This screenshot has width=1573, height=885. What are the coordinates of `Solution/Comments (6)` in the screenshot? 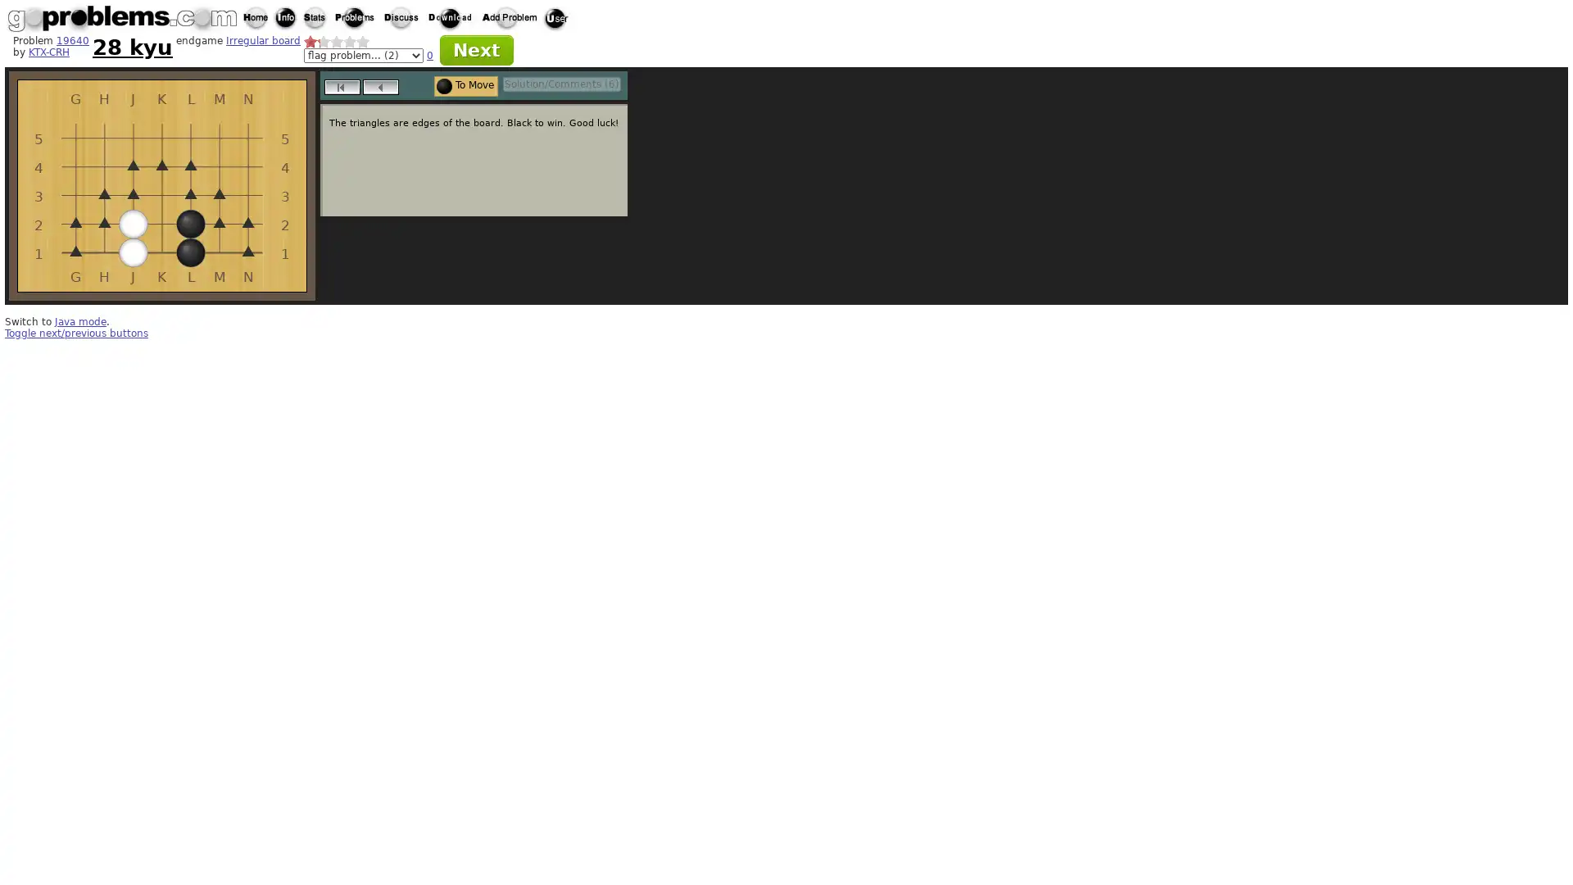 It's located at (561, 84).